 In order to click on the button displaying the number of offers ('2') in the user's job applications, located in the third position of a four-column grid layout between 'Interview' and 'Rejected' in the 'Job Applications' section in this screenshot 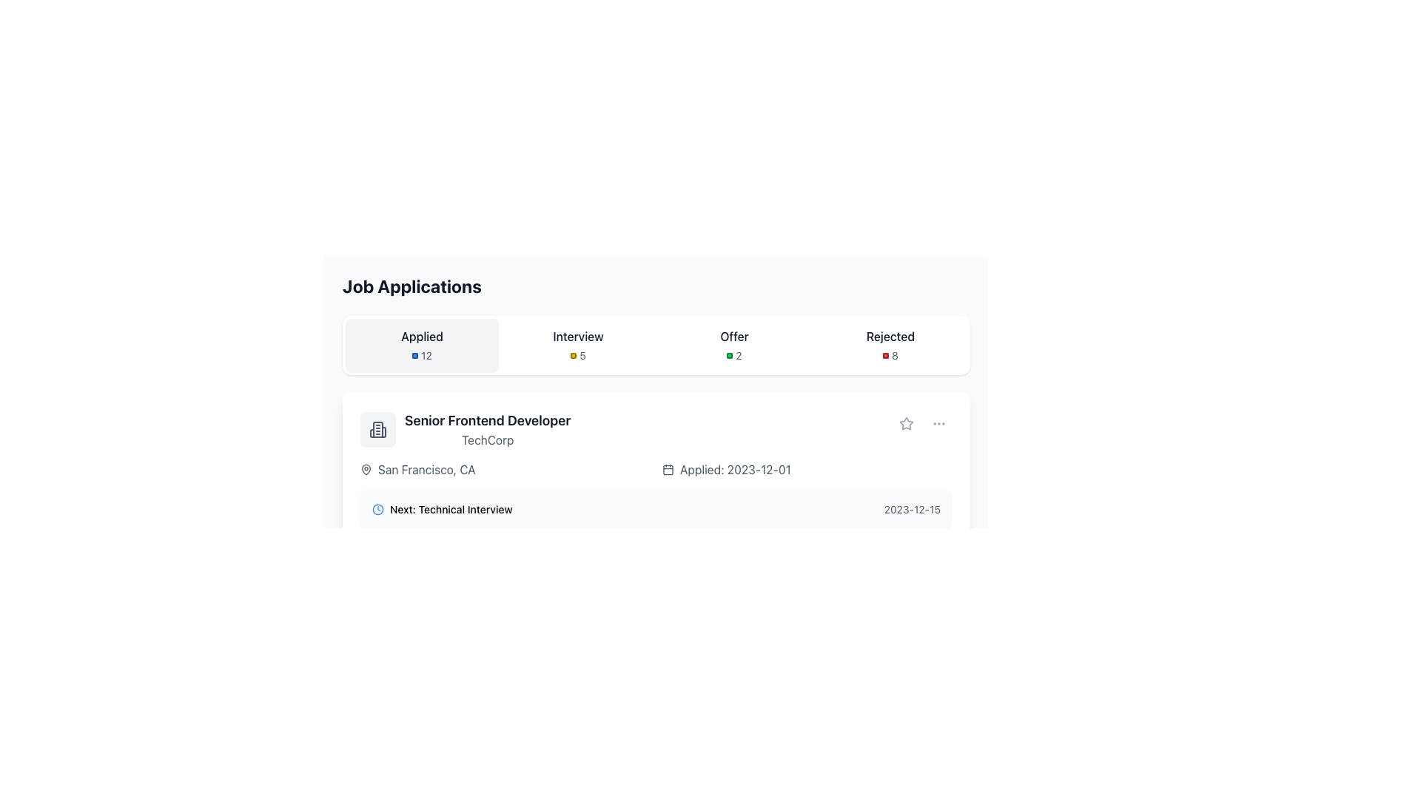, I will do `click(734, 345)`.